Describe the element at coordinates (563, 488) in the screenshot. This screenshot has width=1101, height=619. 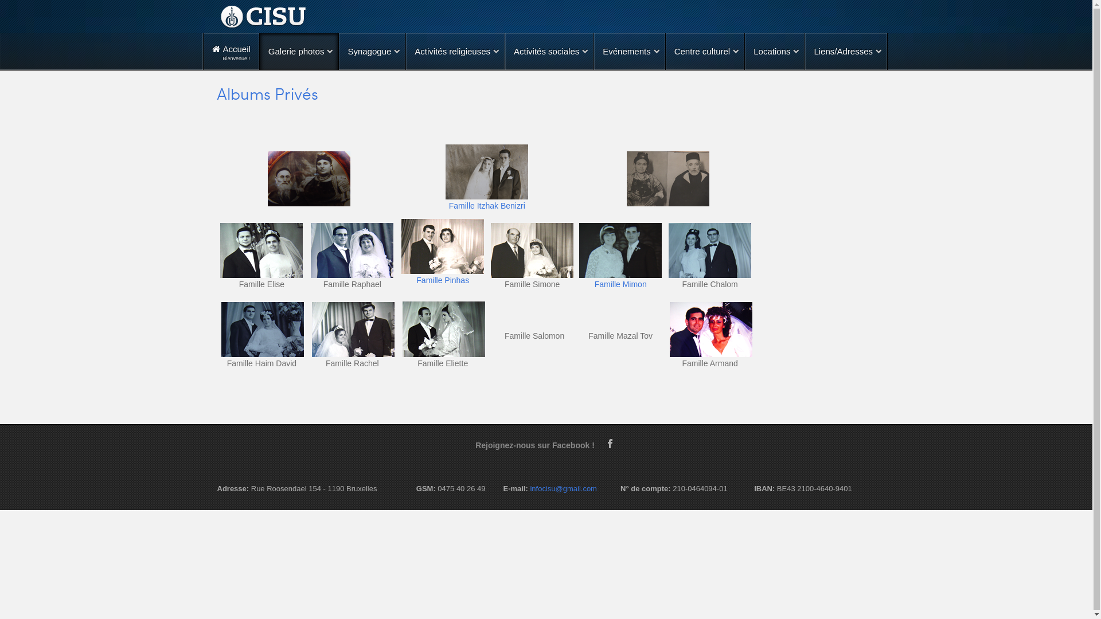
I see `'infocisu@gmail.com'` at that location.